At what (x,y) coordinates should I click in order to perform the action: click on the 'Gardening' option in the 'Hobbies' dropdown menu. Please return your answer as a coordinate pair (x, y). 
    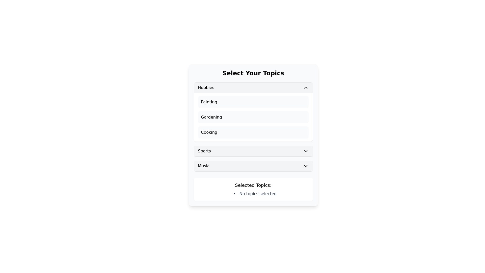
    Looking at the image, I should click on (211, 117).